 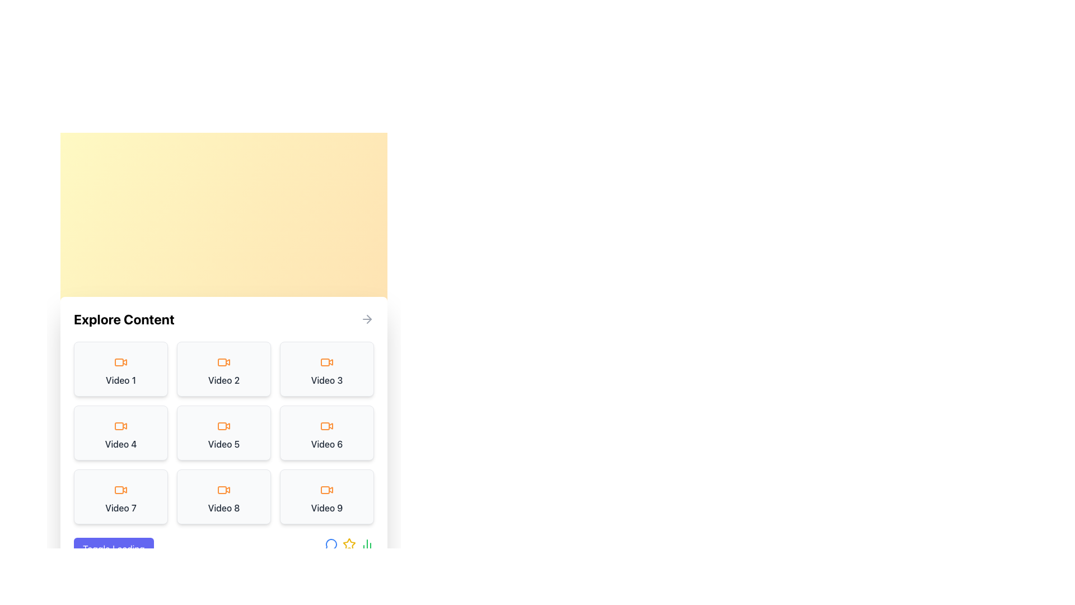 What do you see at coordinates (227, 361) in the screenshot?
I see `the video icon representing the 'Video 2' card in the 'Explore Content' segment, located in the first row and second column of the grid layout` at bounding box center [227, 361].